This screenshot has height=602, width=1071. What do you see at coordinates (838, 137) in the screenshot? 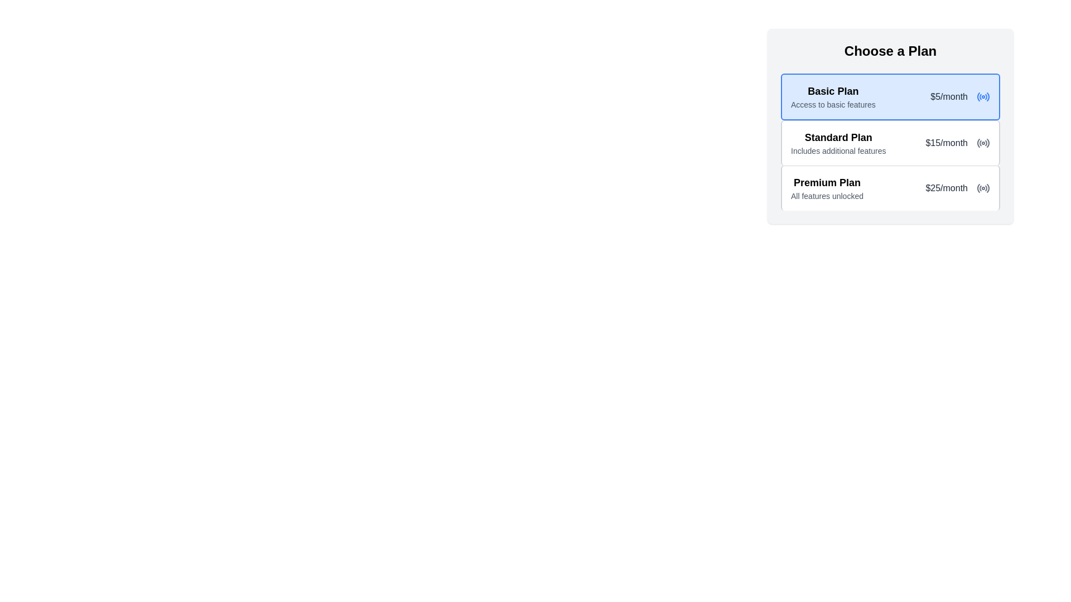
I see `the 'Standard Plan' section title text label, which is visually styled in bold and large font, indicating it is a header within a list of plans` at bounding box center [838, 137].